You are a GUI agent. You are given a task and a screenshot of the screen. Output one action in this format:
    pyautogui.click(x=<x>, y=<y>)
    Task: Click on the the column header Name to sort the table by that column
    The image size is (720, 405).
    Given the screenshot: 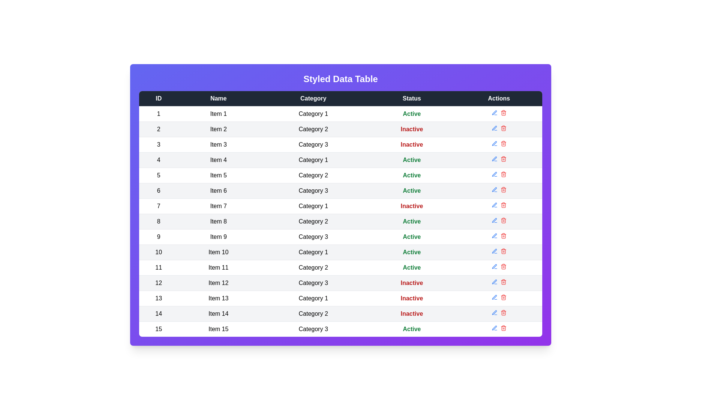 What is the action you would take?
    pyautogui.click(x=218, y=98)
    